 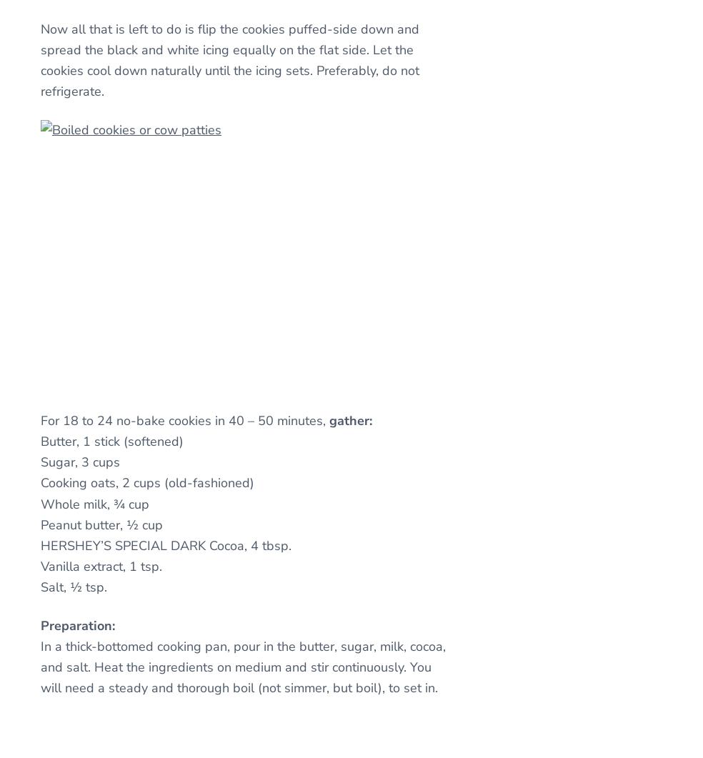 I want to click on 'Preparation:', so click(x=39, y=625).